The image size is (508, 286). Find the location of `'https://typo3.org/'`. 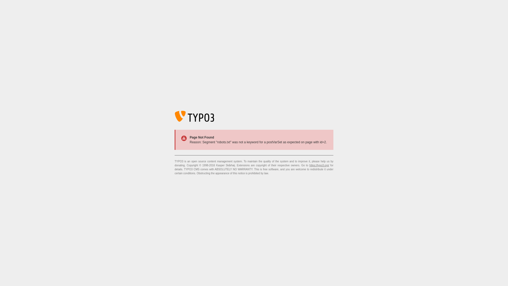

'https://typo3.org/' is located at coordinates (319, 165).